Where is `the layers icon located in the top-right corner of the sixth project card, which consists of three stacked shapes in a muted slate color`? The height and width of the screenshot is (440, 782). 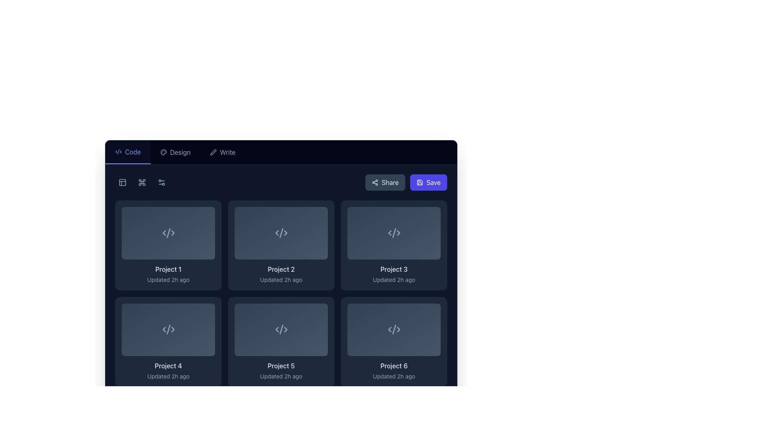
the layers icon located in the top-right corner of the sixth project card, which consists of three stacked shapes in a muted slate color is located at coordinates (439, 305).